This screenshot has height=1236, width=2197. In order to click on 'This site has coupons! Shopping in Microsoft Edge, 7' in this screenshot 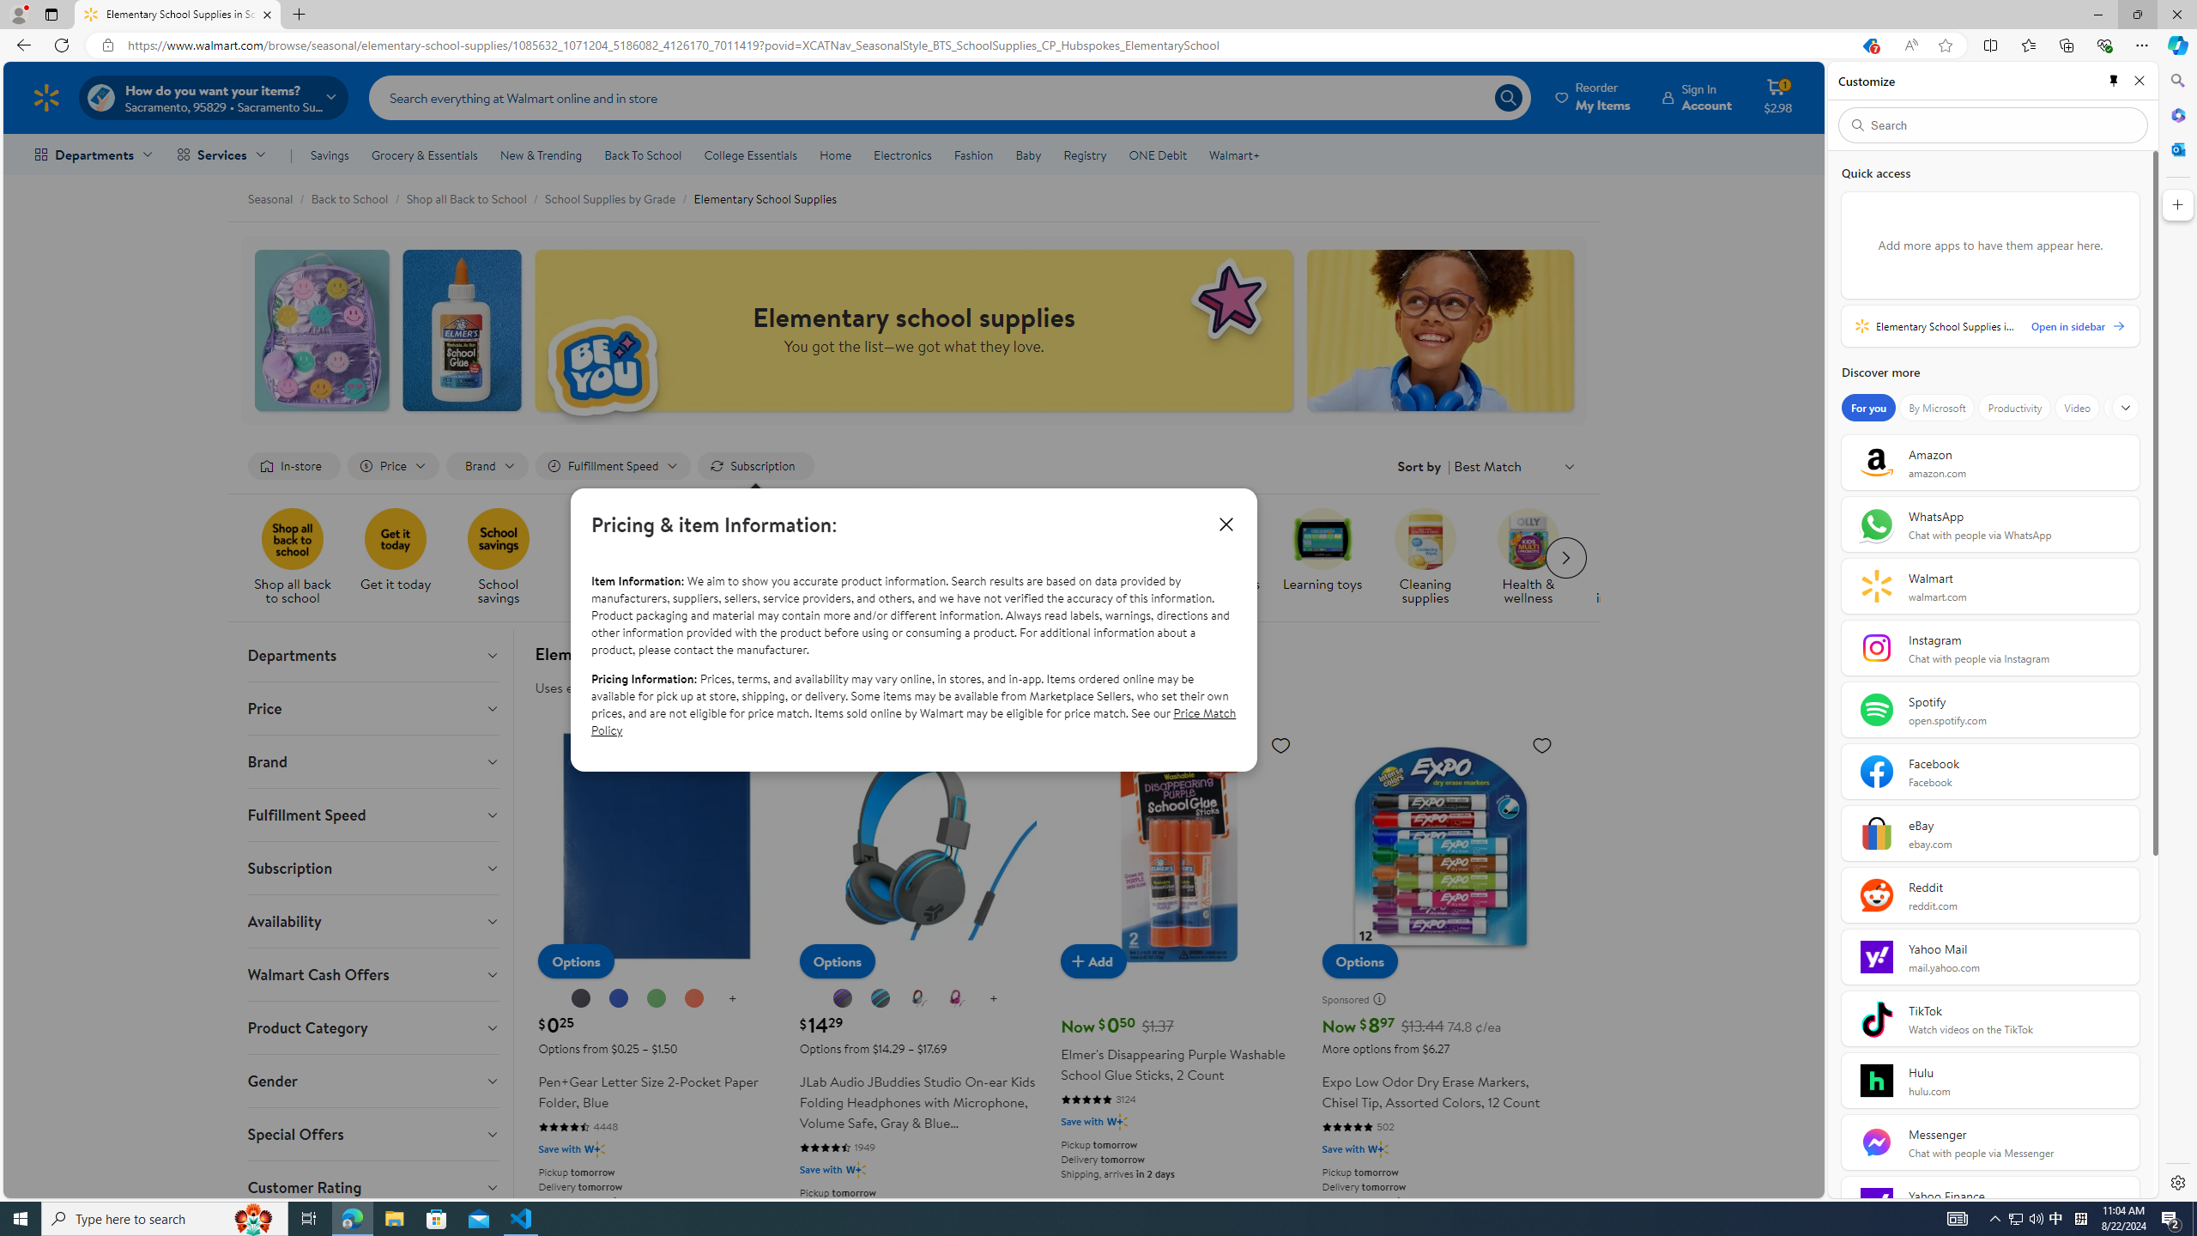, I will do `click(1868, 45)`.